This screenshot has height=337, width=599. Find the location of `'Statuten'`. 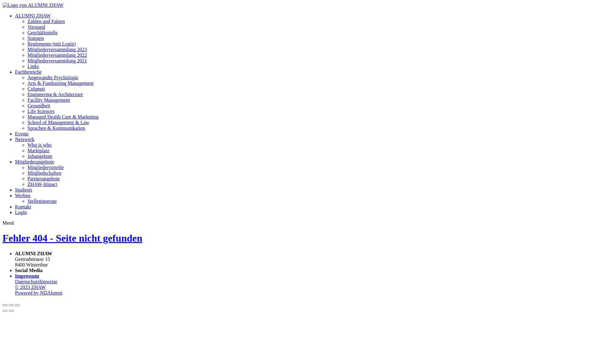

'Statuten' is located at coordinates (35, 38).